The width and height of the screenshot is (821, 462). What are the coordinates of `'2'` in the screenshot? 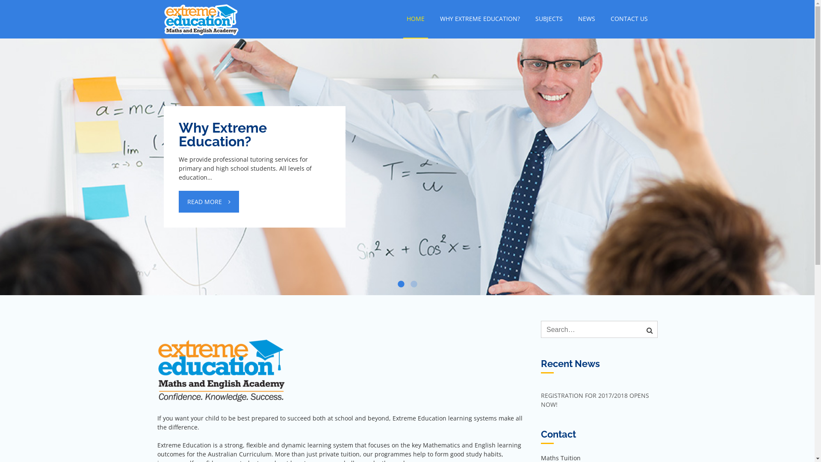 It's located at (414, 284).